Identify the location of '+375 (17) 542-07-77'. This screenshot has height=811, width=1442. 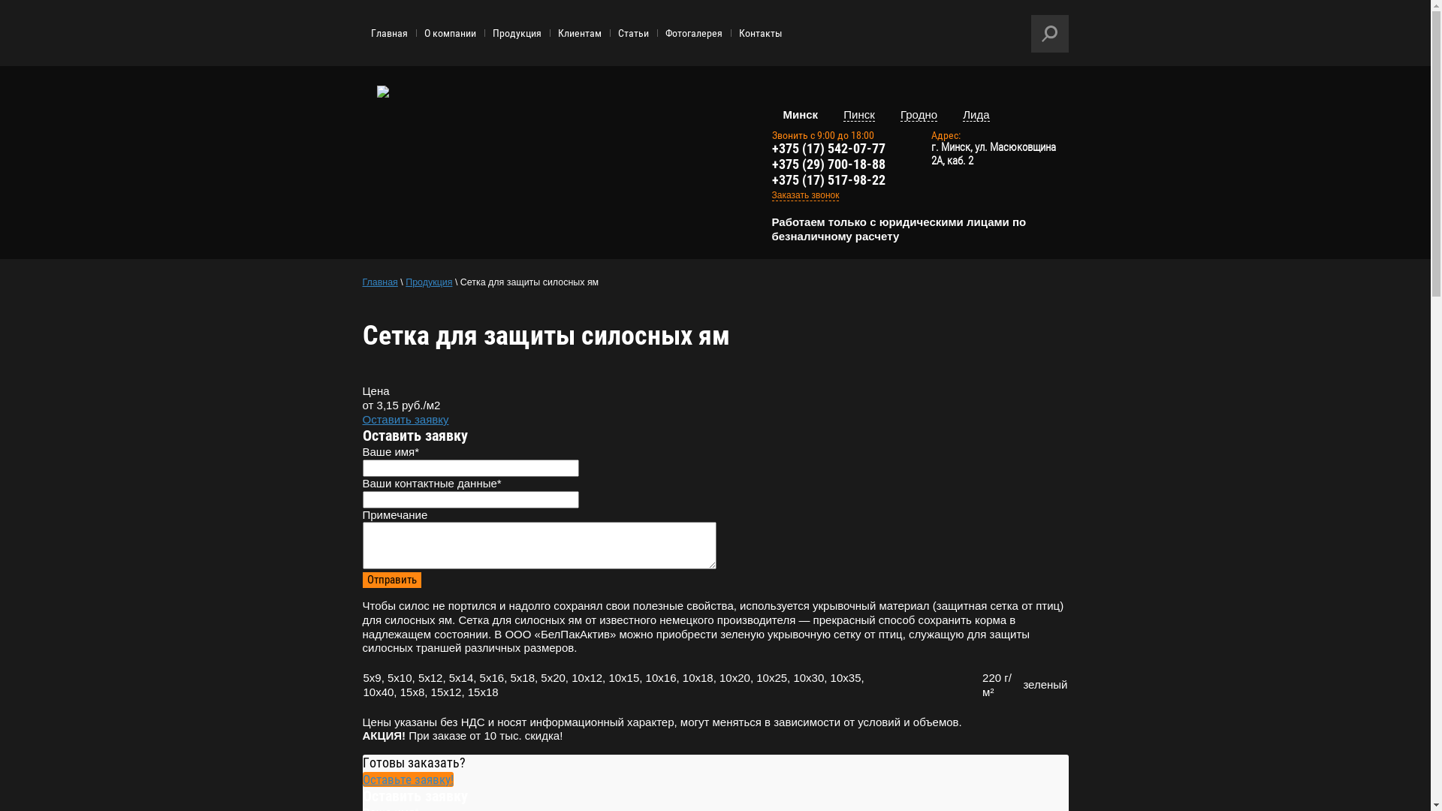
(771, 148).